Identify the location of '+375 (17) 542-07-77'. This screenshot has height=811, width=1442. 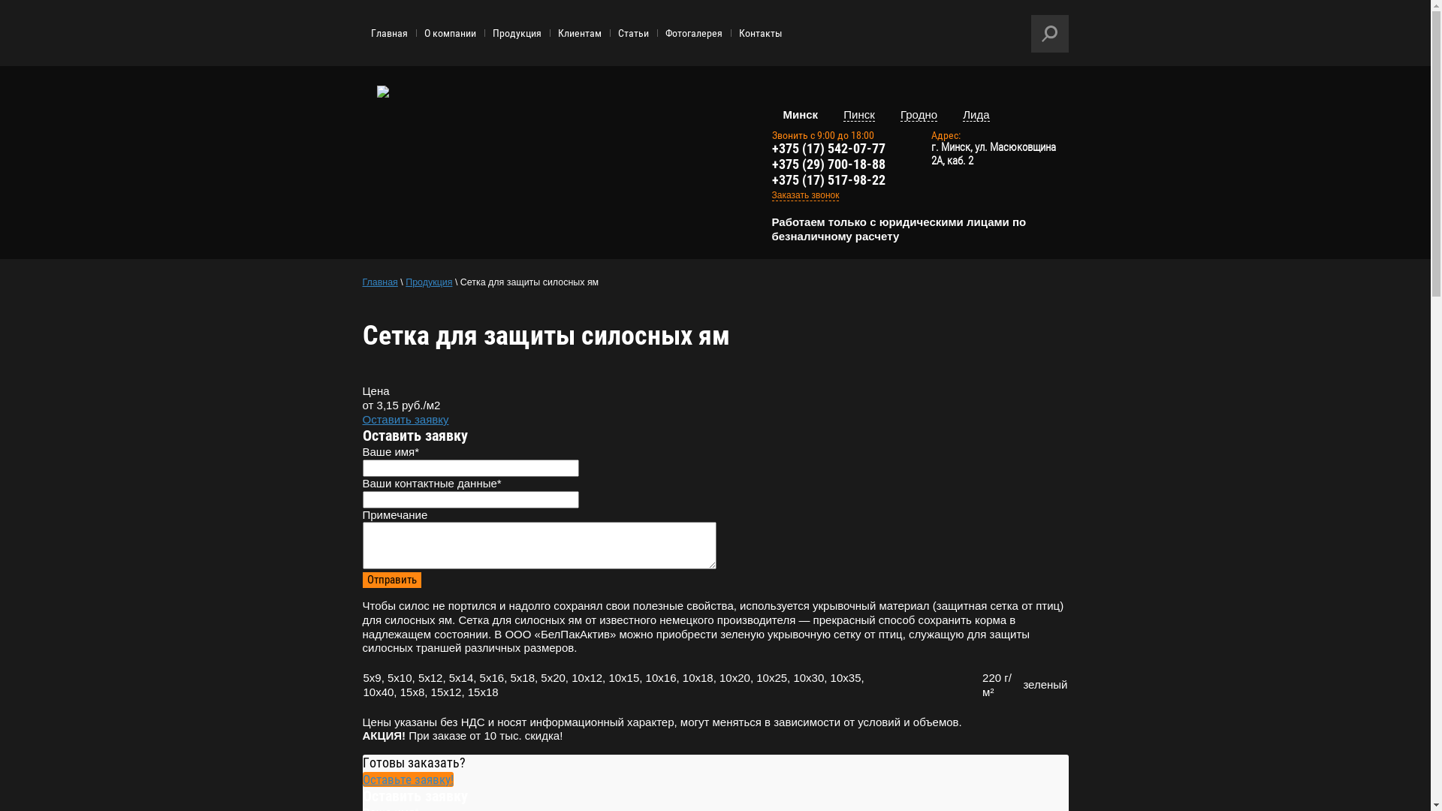
(771, 148).